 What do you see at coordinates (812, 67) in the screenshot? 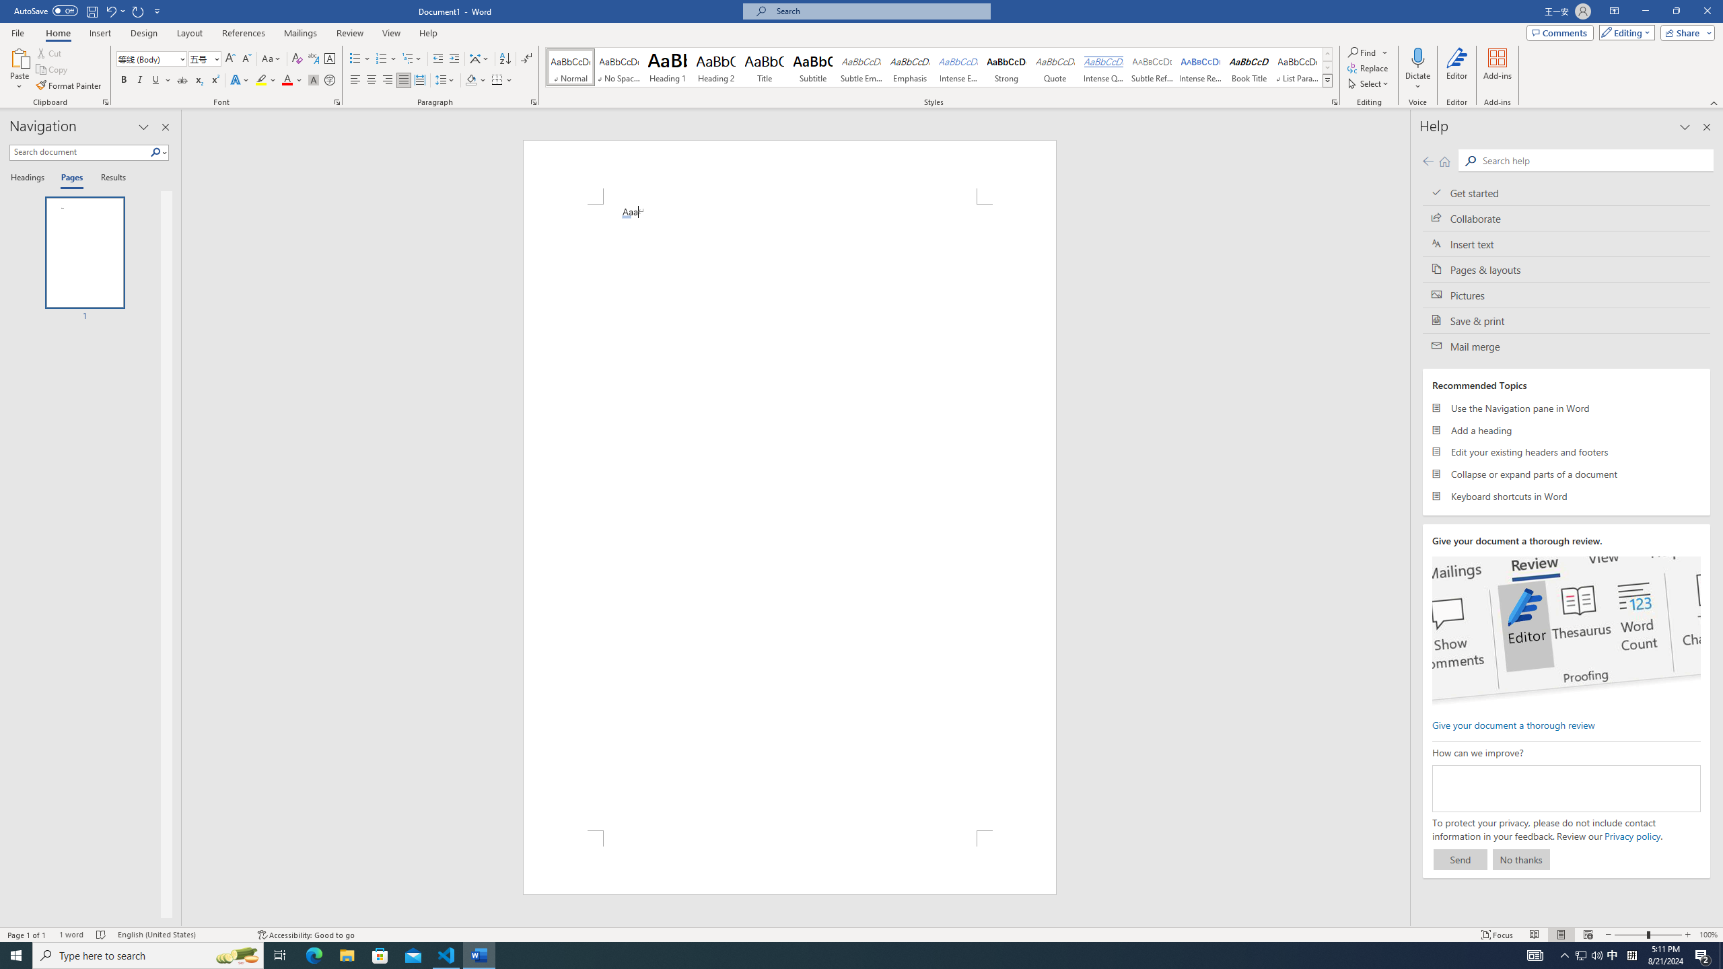
I see `'Subtitle'` at bounding box center [812, 67].